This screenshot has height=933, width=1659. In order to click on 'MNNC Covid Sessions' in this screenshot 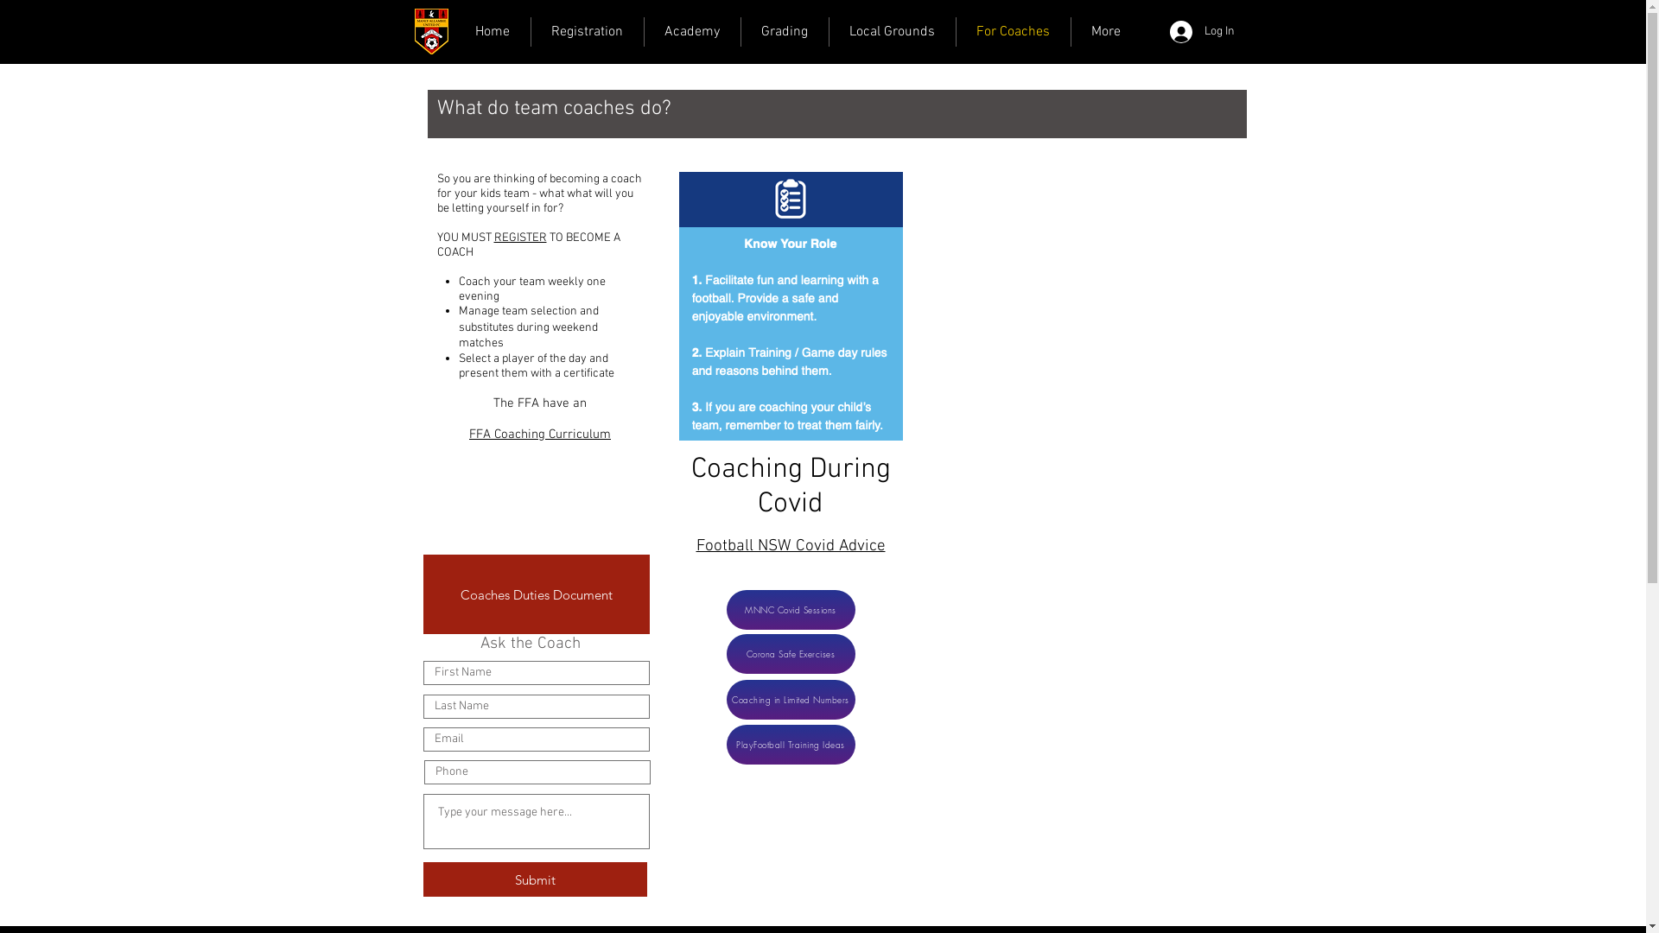, I will do `click(789, 608)`.